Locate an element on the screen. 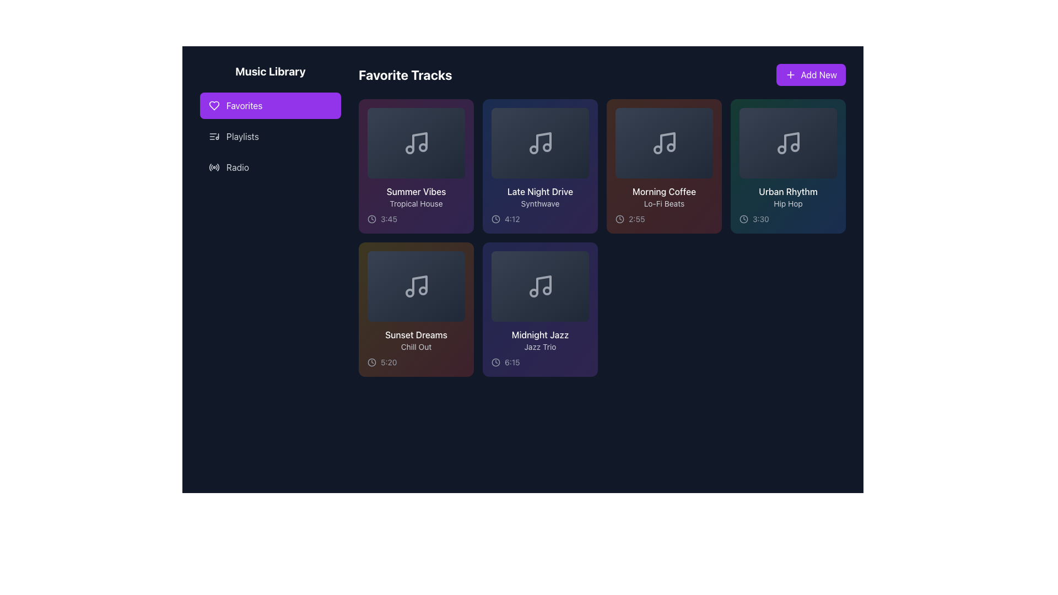 Image resolution: width=1058 pixels, height=595 pixels. the iconic clock representation (circle in an SVG icon) located at the top left corner of the 'Summer Vibes' card is located at coordinates (372, 219).